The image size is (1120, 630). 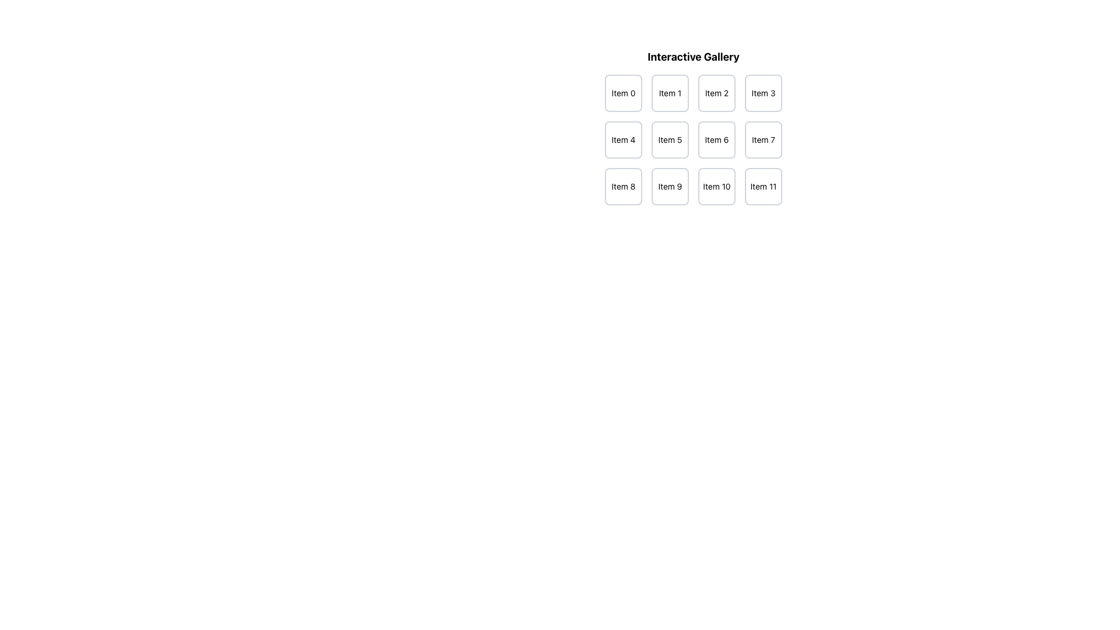 I want to click on the static text label positioned in the third row and second column of the 'Interactive Gallery' grid layout, which is located between 'Item 9' and 'Item 11', so click(x=716, y=186).